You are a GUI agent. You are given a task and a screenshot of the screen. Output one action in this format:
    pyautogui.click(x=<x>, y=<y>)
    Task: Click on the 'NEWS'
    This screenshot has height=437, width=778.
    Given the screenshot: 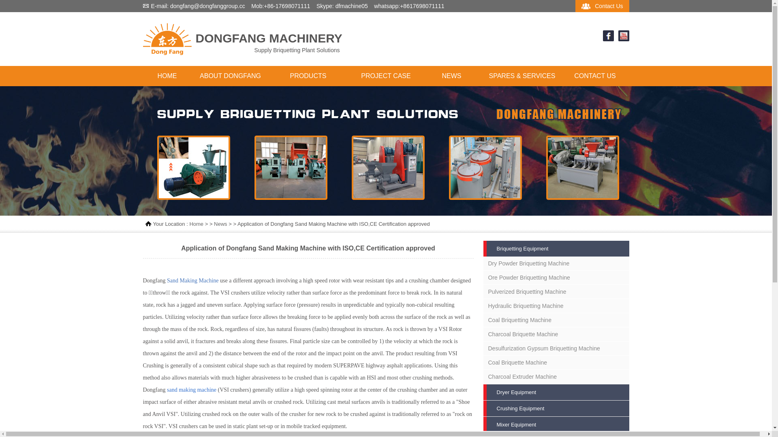 What is the action you would take?
    pyautogui.click(x=451, y=76)
    